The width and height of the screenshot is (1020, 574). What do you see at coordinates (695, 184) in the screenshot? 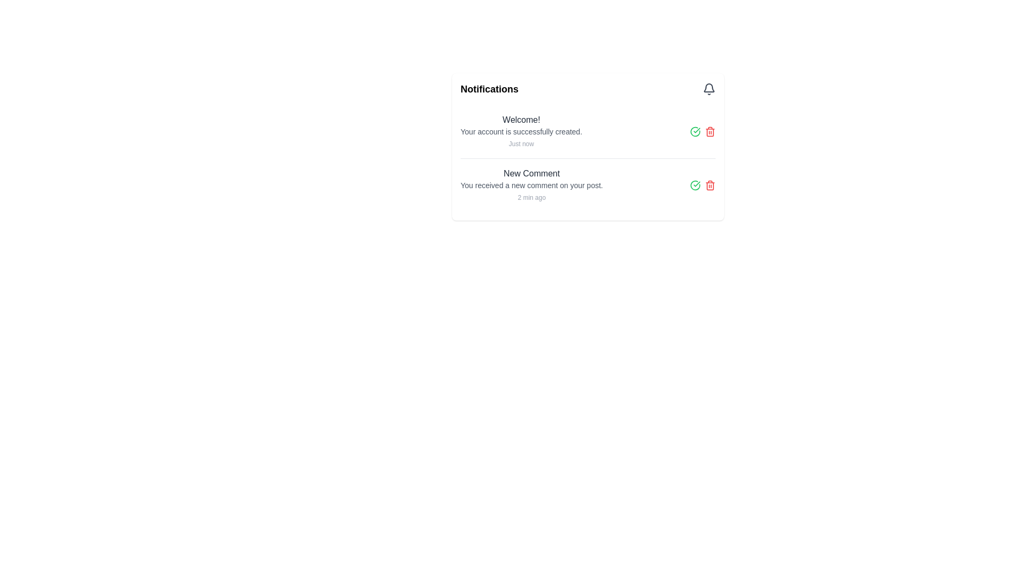
I see `the green circular icon with a checkmark next to the 'New Comment' notification` at bounding box center [695, 184].